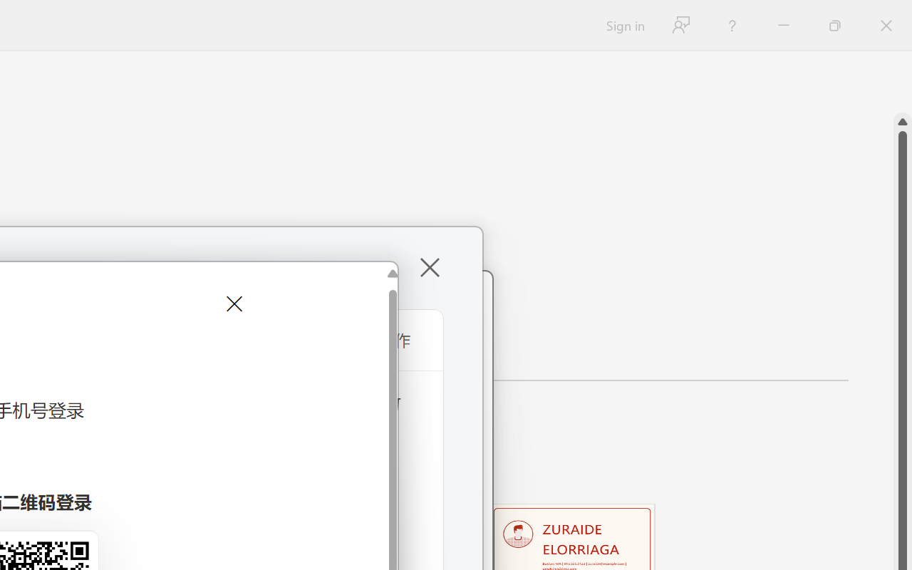 This screenshot has height=570, width=912. I want to click on 'Cancel', so click(233, 304).